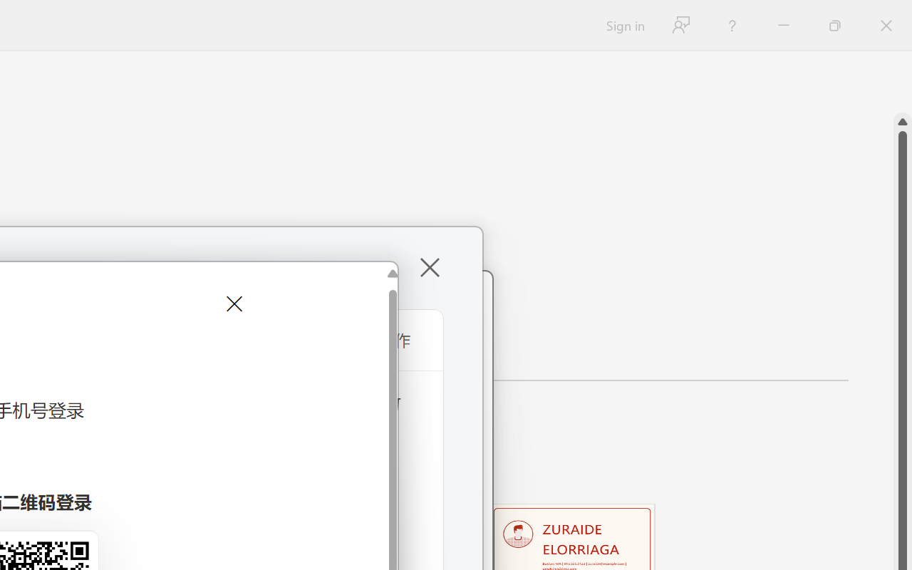 This screenshot has height=570, width=912. I want to click on 'Cancel', so click(233, 304).